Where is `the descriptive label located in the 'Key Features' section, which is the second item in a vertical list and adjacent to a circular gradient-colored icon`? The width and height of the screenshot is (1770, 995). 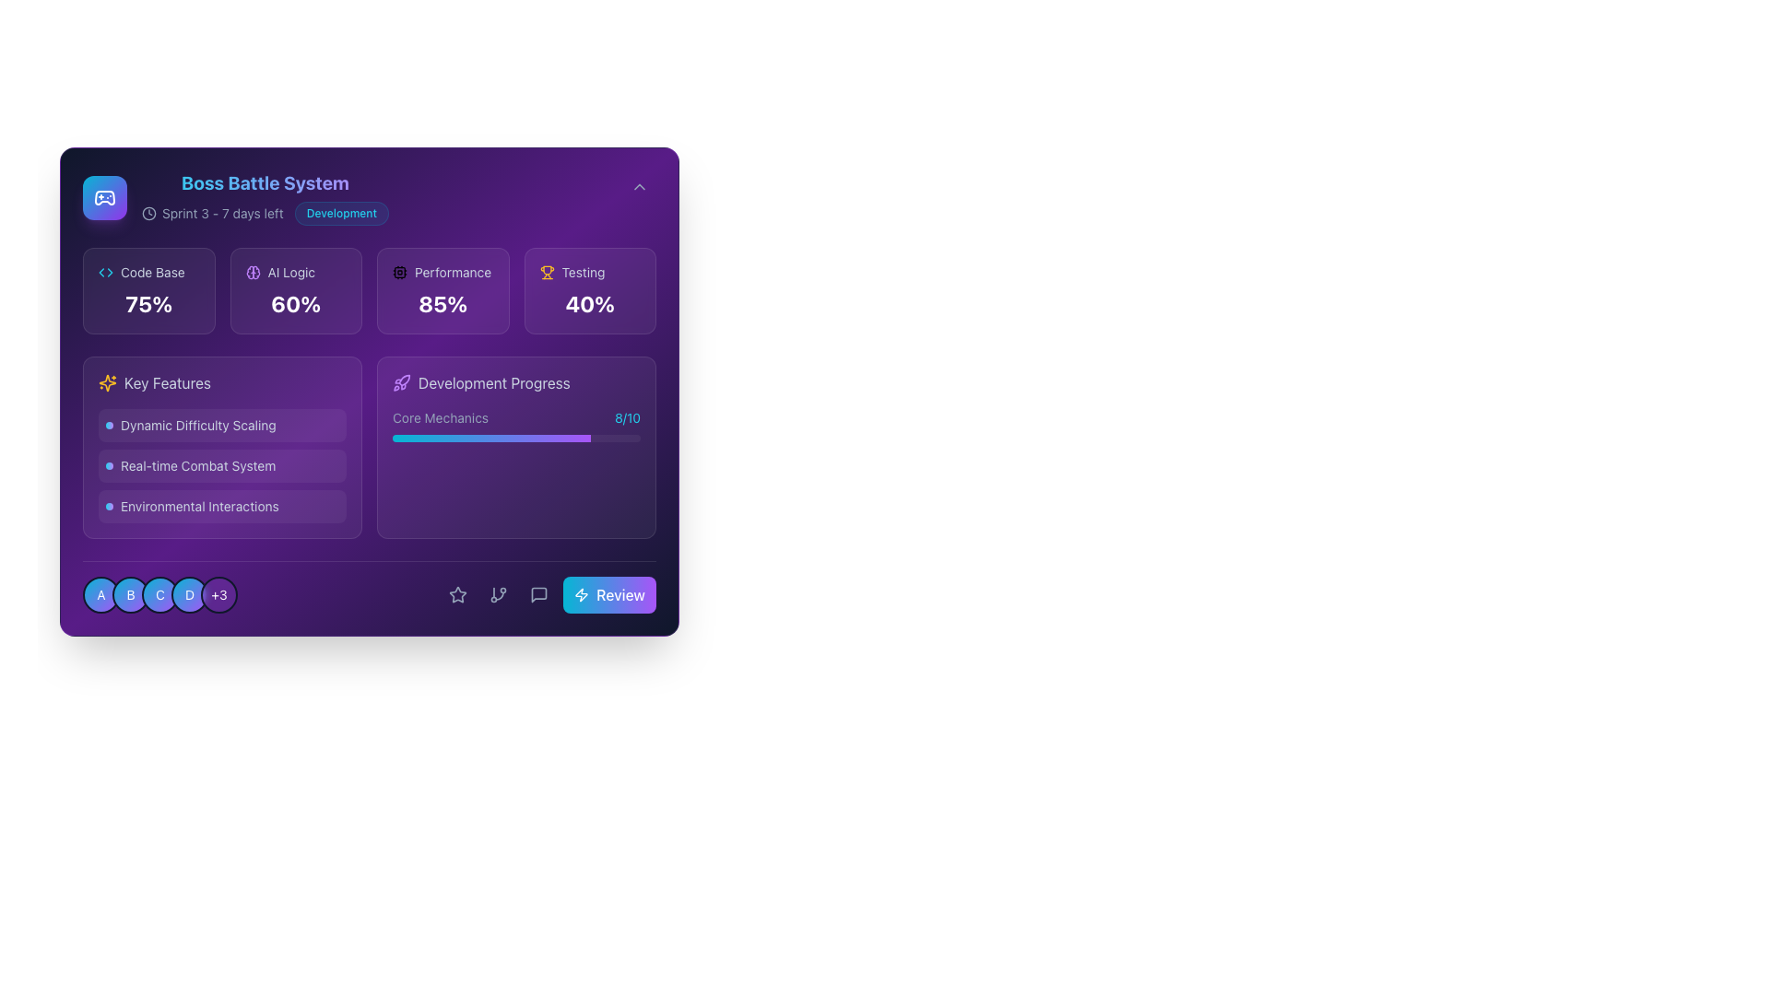 the descriptive label located in the 'Key Features' section, which is the second item in a vertical list and adjacent to a circular gradient-colored icon is located at coordinates (198, 464).